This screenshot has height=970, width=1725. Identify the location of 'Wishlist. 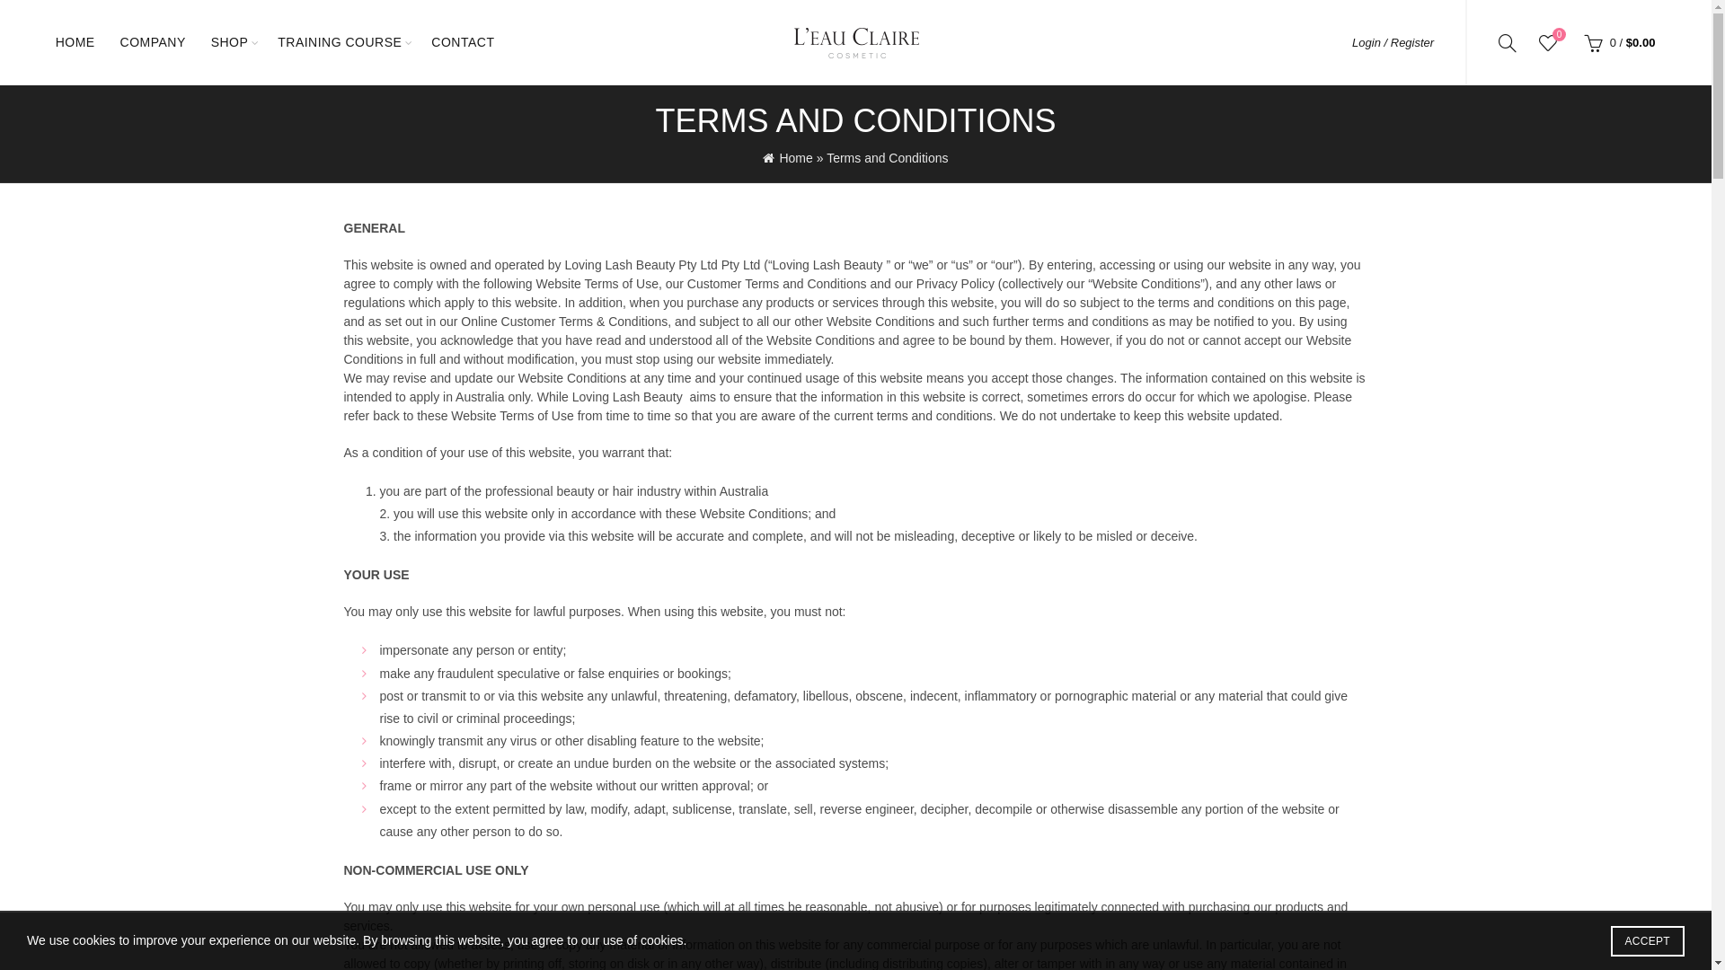
(1547, 40).